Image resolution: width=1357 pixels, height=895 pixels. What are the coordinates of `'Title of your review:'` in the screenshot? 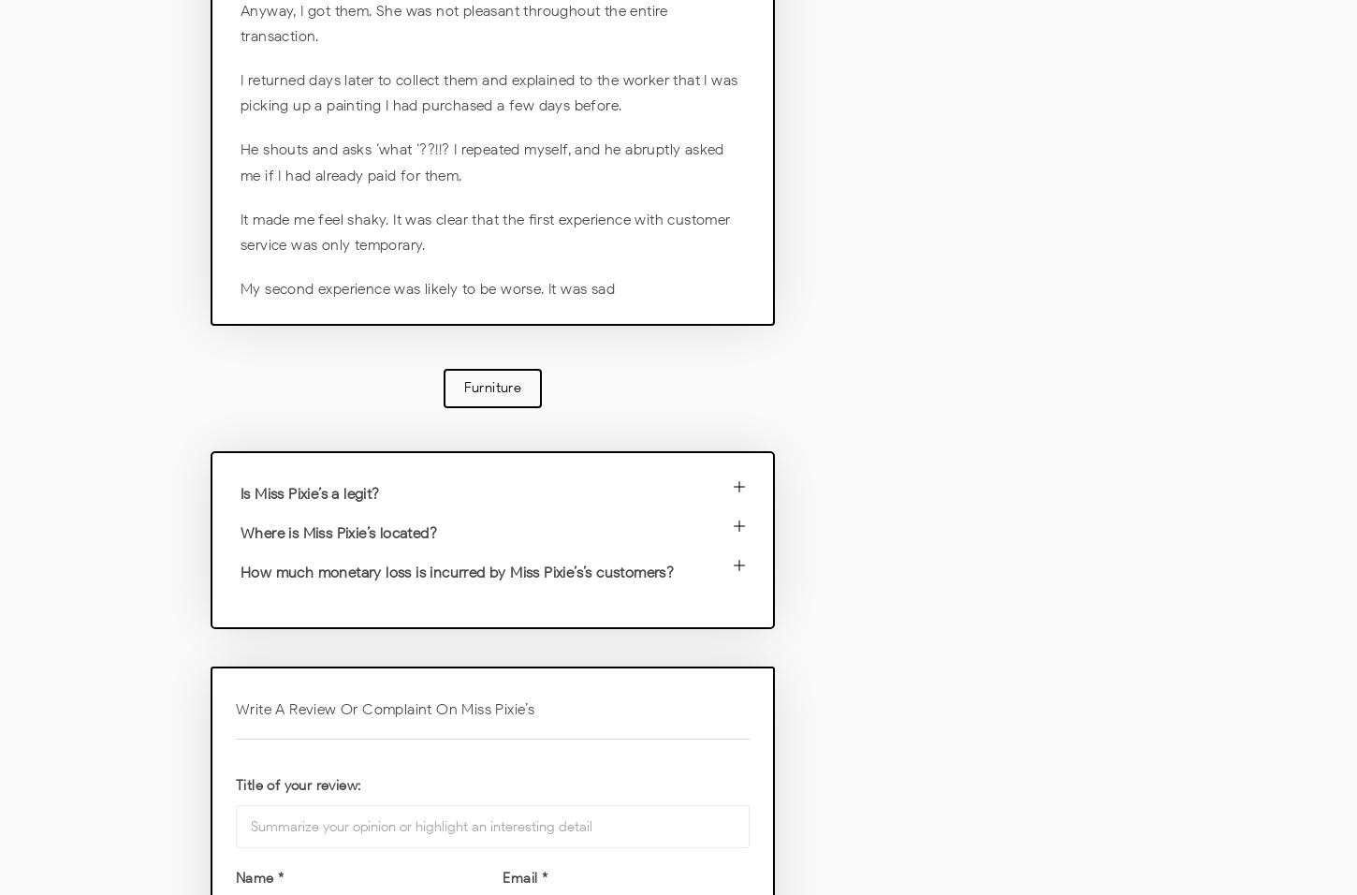 It's located at (298, 785).